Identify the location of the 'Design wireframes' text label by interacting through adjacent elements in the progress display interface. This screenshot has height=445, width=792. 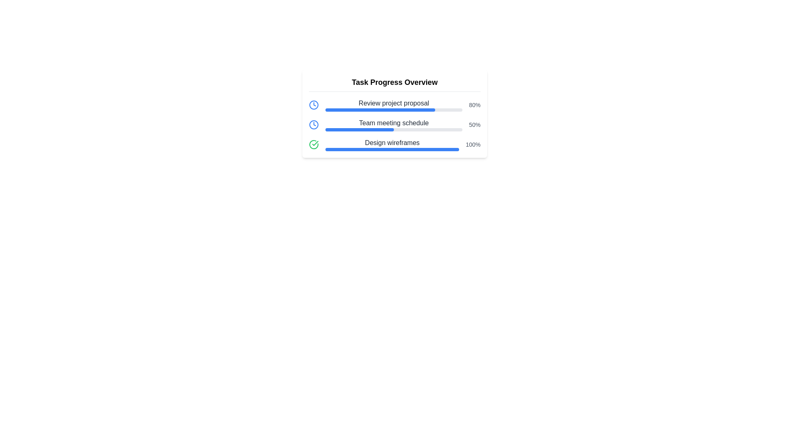
(392, 143).